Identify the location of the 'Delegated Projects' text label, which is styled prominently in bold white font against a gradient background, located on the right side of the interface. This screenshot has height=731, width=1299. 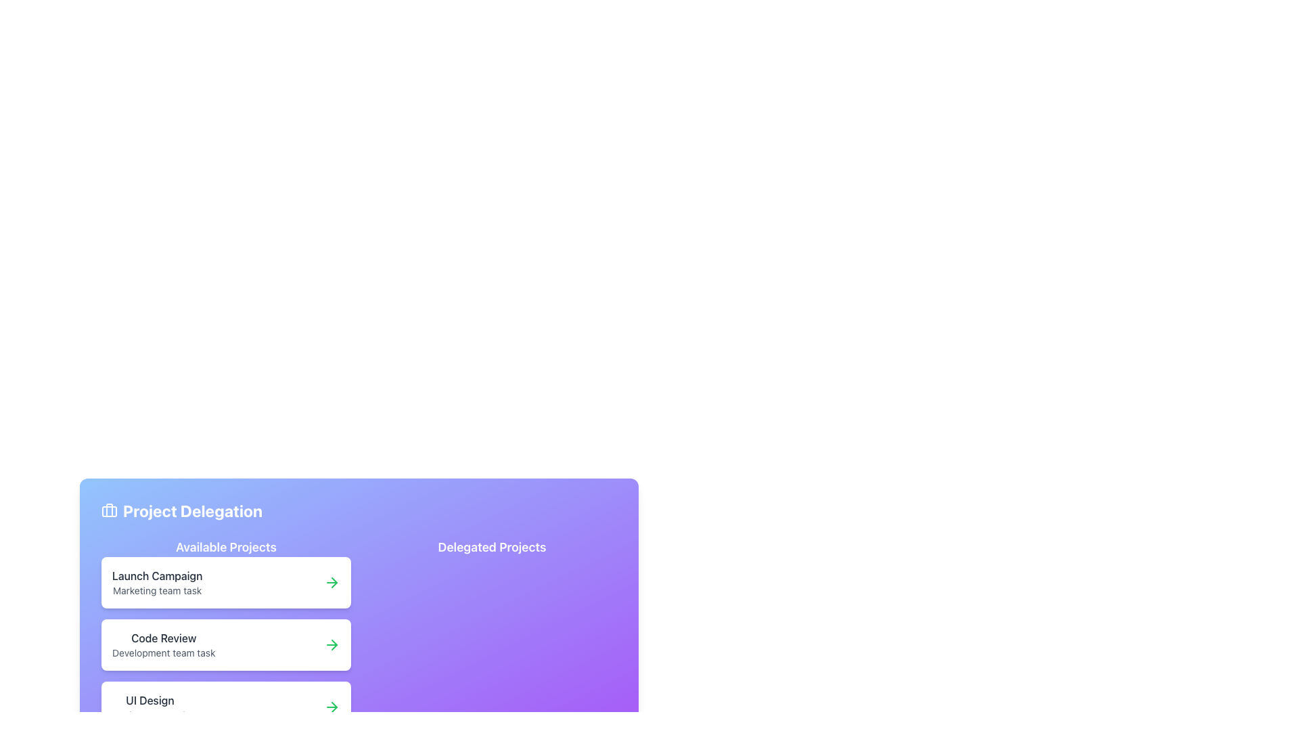
(491, 547).